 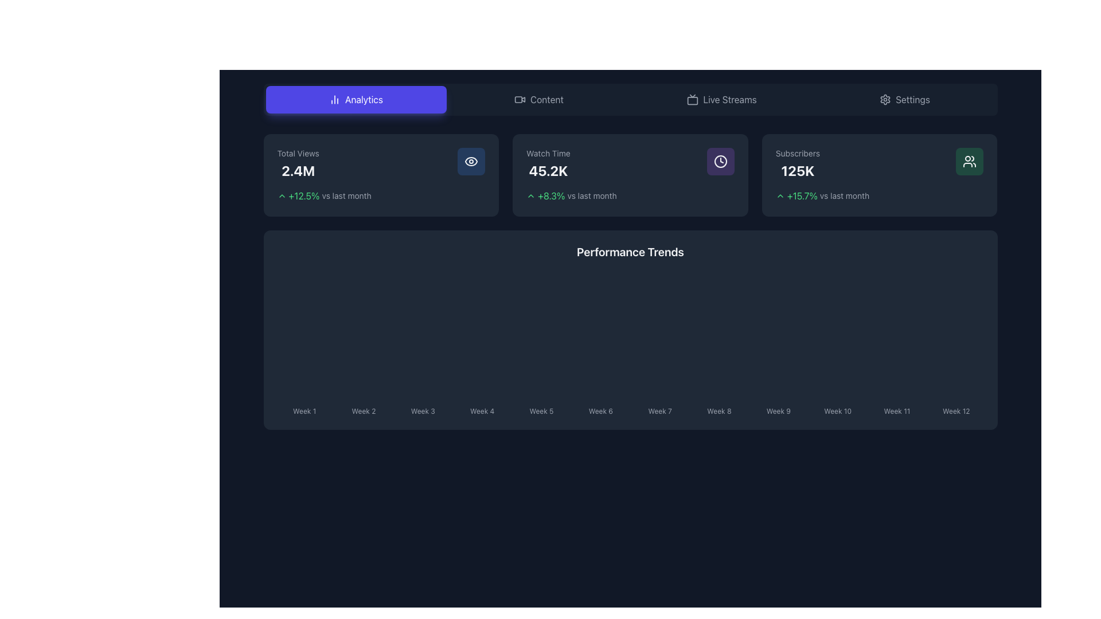 I want to click on label of the text element displaying 'Week 4', which is part of a series of week labels aligned horizontally at the bottom of the 'Performance Trends' section, so click(x=482, y=408).